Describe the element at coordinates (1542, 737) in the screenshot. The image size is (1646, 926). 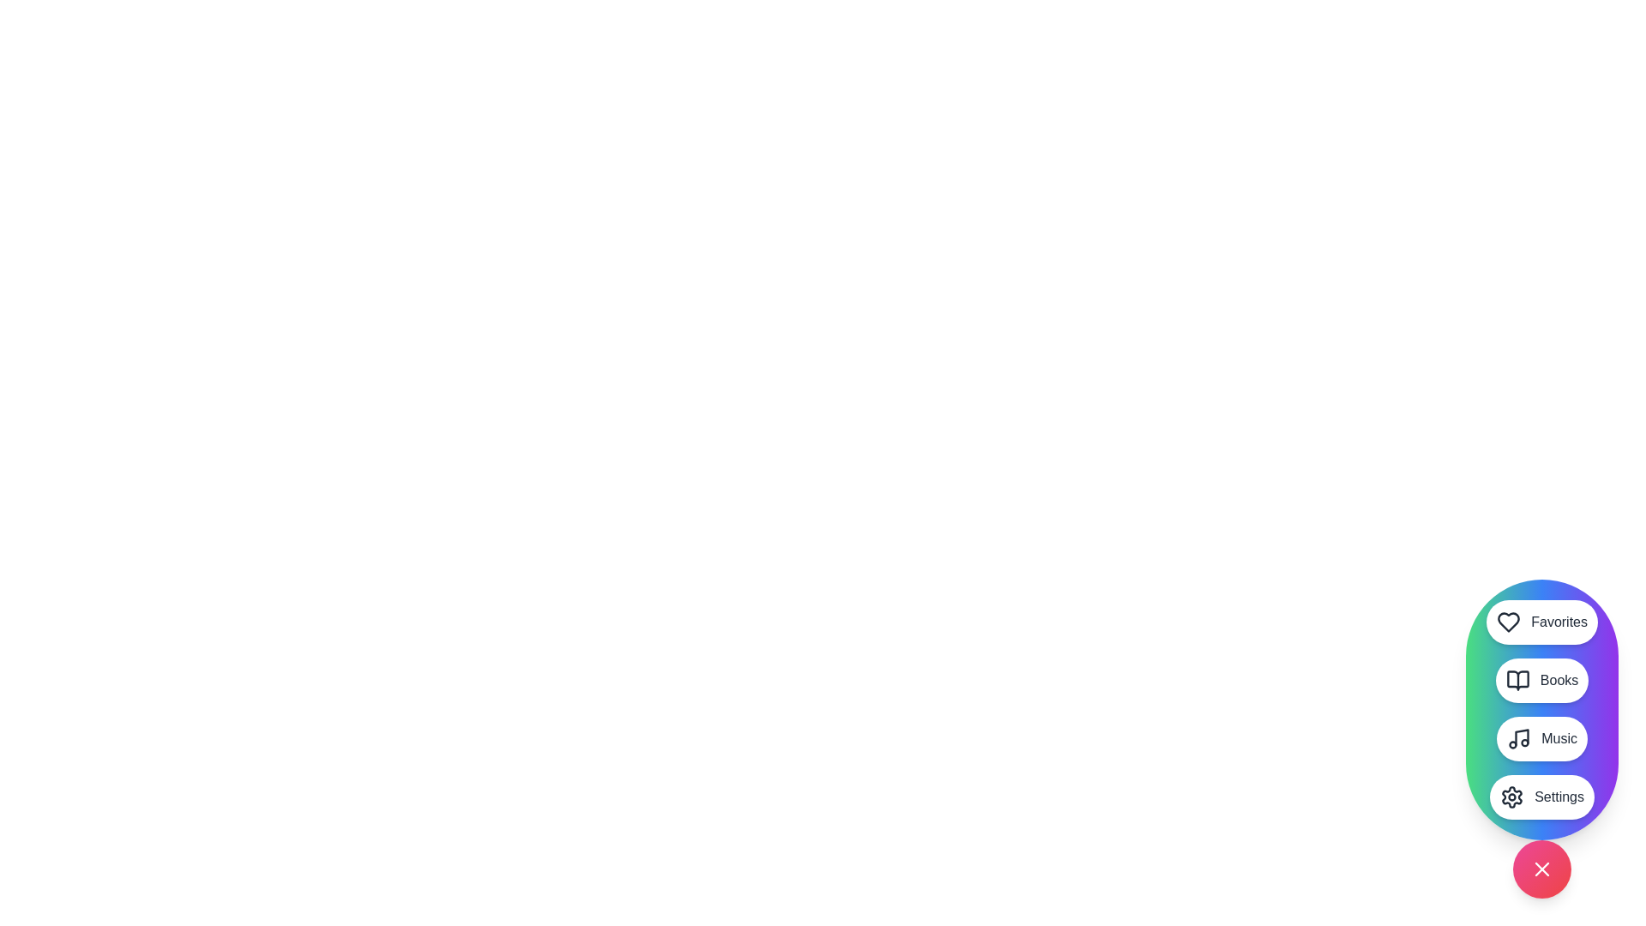
I see `the menu option Music to perform its associated action` at that location.